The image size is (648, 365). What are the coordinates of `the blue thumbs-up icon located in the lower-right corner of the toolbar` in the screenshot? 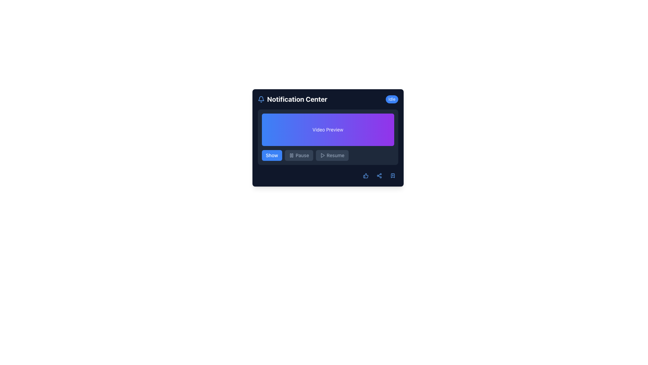 It's located at (365, 175).